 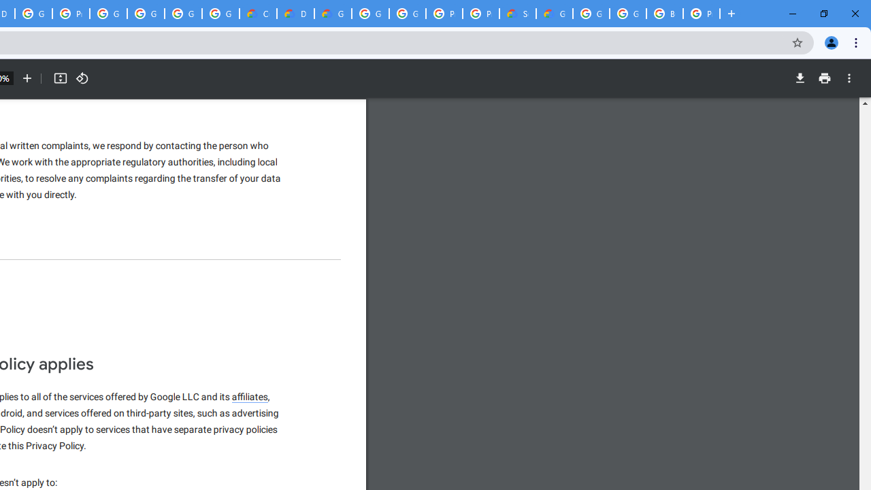 What do you see at coordinates (849, 78) in the screenshot?
I see `'More actions'` at bounding box center [849, 78].